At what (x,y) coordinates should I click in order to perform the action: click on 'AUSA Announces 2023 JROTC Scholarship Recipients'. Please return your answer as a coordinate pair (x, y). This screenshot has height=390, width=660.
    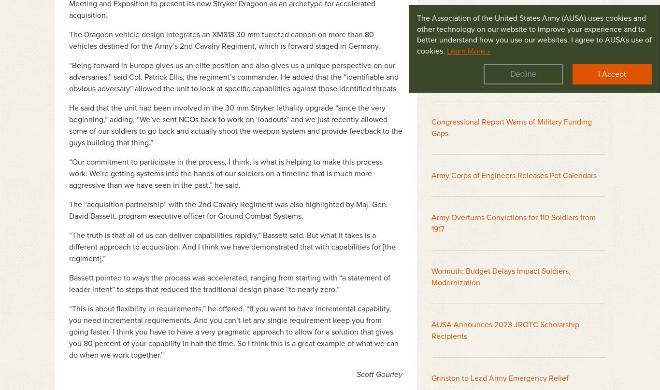
    Looking at the image, I should click on (430, 330).